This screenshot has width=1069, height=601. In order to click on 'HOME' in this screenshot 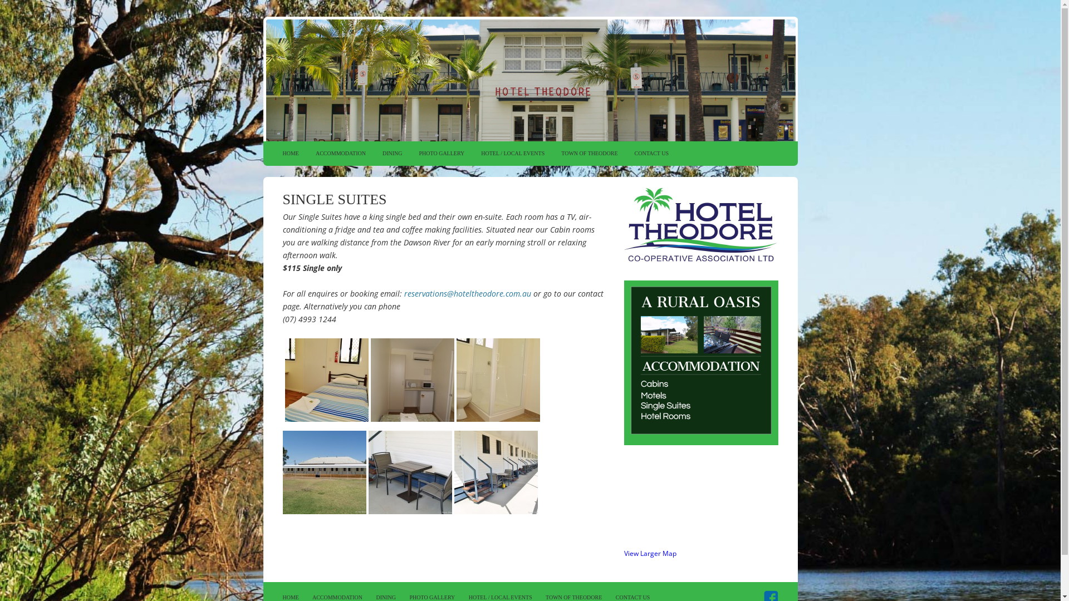, I will do `click(290, 154)`.